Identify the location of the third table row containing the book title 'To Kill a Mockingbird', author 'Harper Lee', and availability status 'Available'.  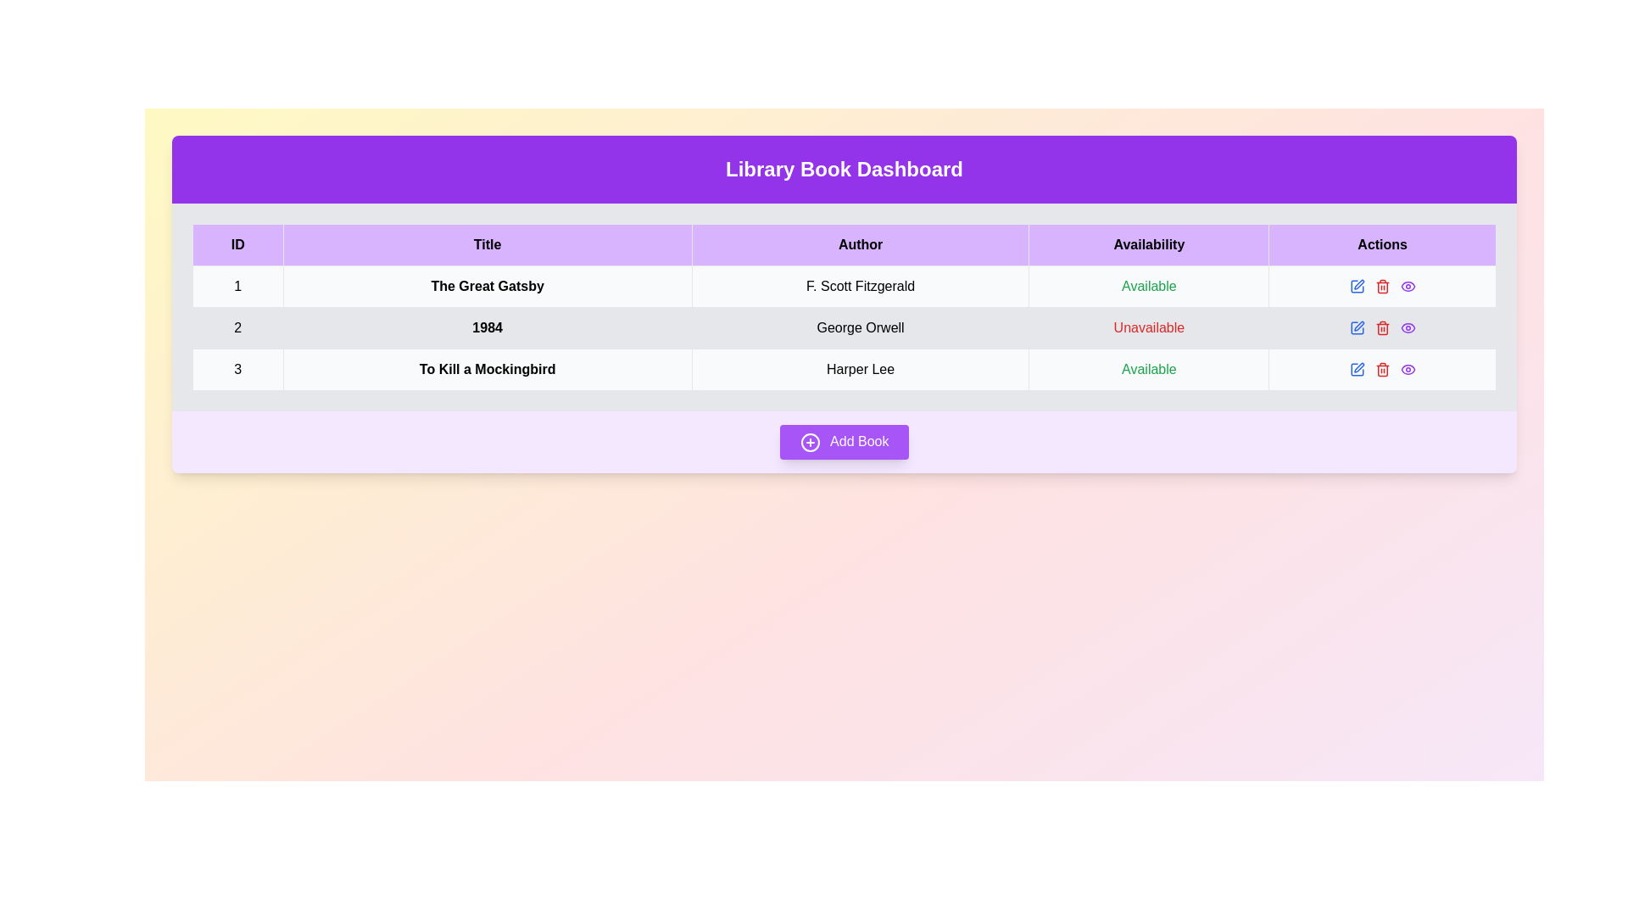
(845, 368).